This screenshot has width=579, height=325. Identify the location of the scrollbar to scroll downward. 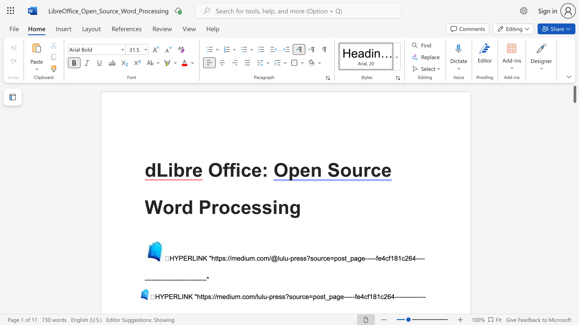
(574, 103).